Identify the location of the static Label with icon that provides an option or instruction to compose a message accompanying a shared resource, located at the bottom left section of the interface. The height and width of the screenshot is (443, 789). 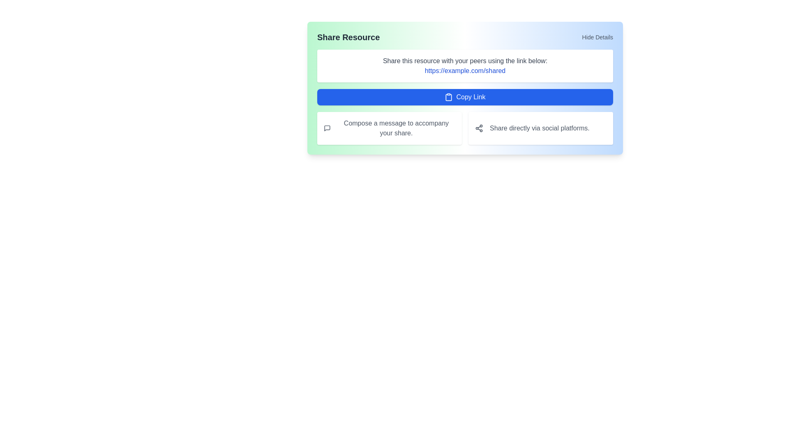
(389, 128).